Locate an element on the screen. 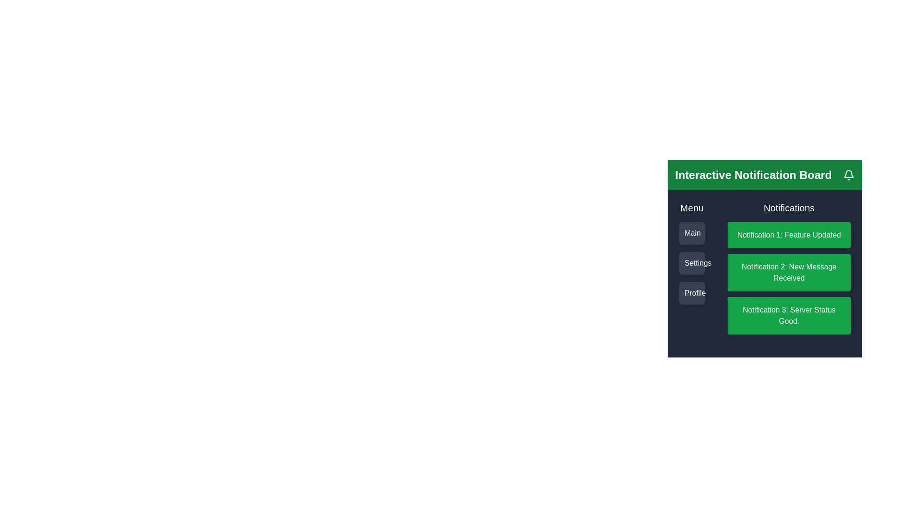 The height and width of the screenshot is (506, 899). the green rectangular interactive notification box stating 'Notification 2: New Message Received' located in the Notifications panel is located at coordinates (765, 253).